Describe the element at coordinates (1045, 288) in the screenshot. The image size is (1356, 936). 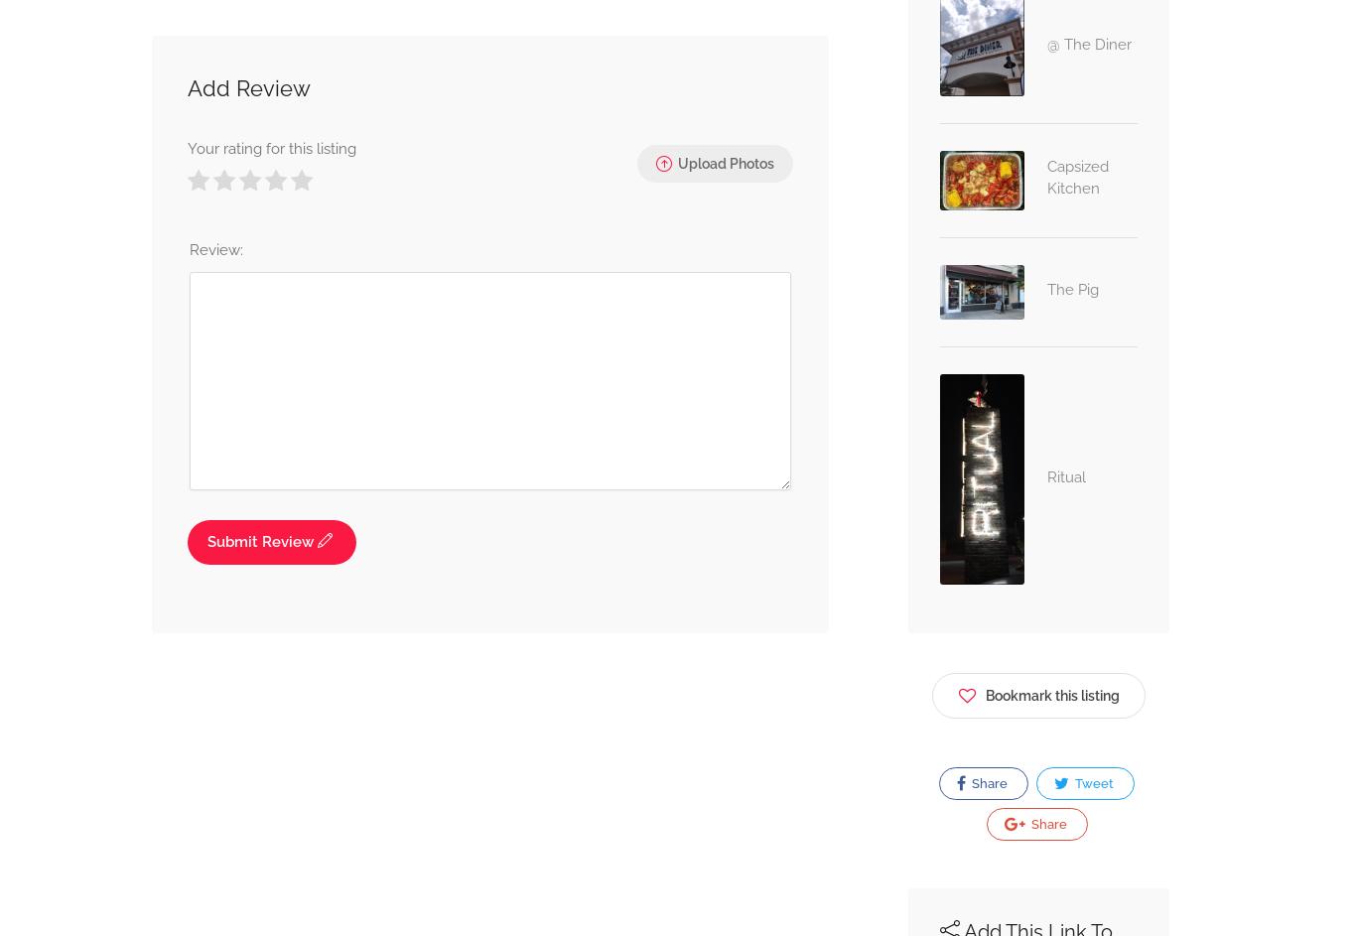
I see `'The Pig'` at that location.